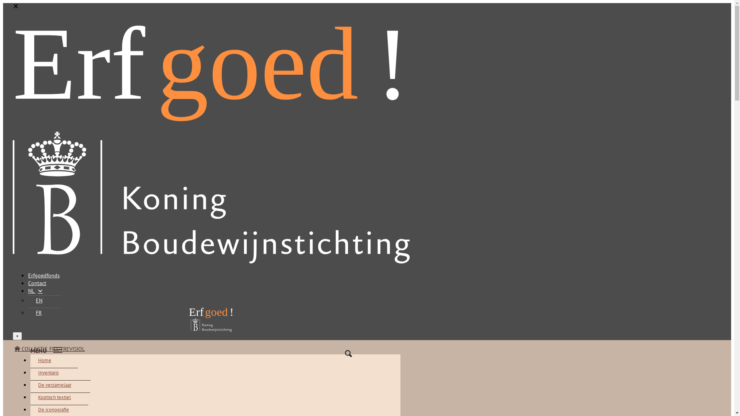  Describe the element at coordinates (333, 354) in the screenshot. I see `'Zoeken'` at that location.